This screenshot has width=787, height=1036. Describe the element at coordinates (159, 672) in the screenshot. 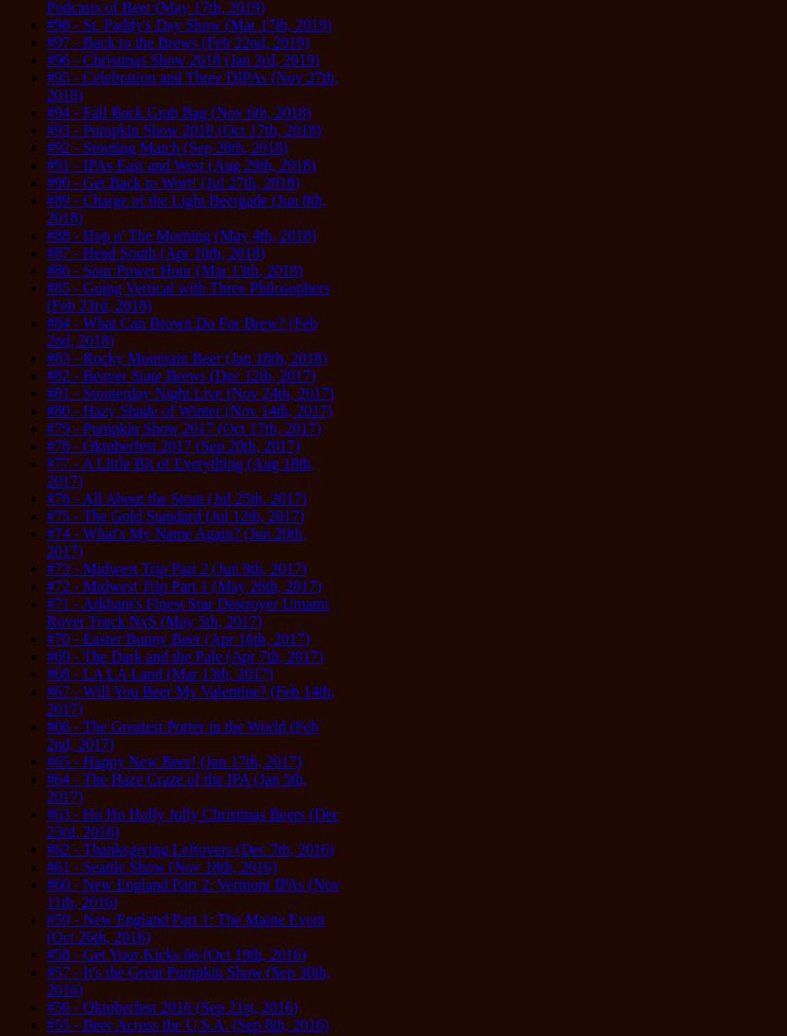

I see `'#68 - LA LA Land (Mar 13th, 2017)'` at that location.